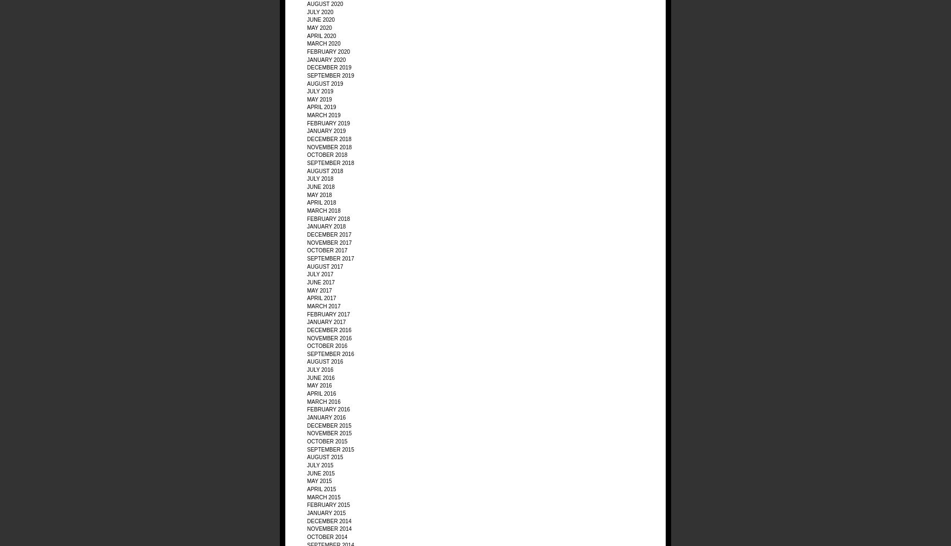 This screenshot has width=951, height=546. What do you see at coordinates (321, 282) in the screenshot?
I see `'June 2017'` at bounding box center [321, 282].